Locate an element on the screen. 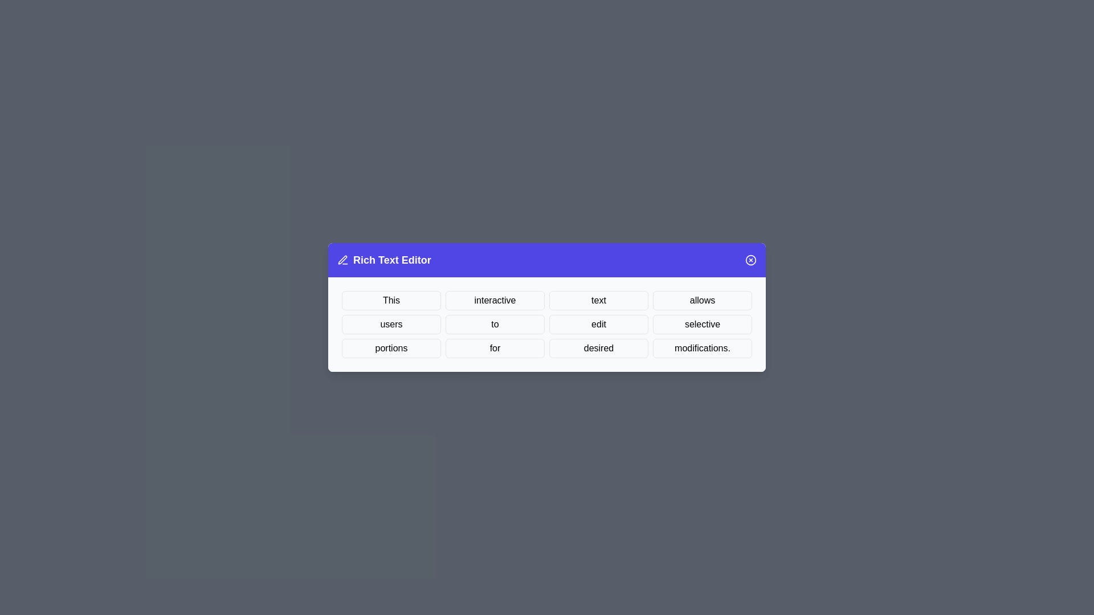 Image resolution: width=1094 pixels, height=615 pixels. the word allows to select it is located at coordinates (702, 300).